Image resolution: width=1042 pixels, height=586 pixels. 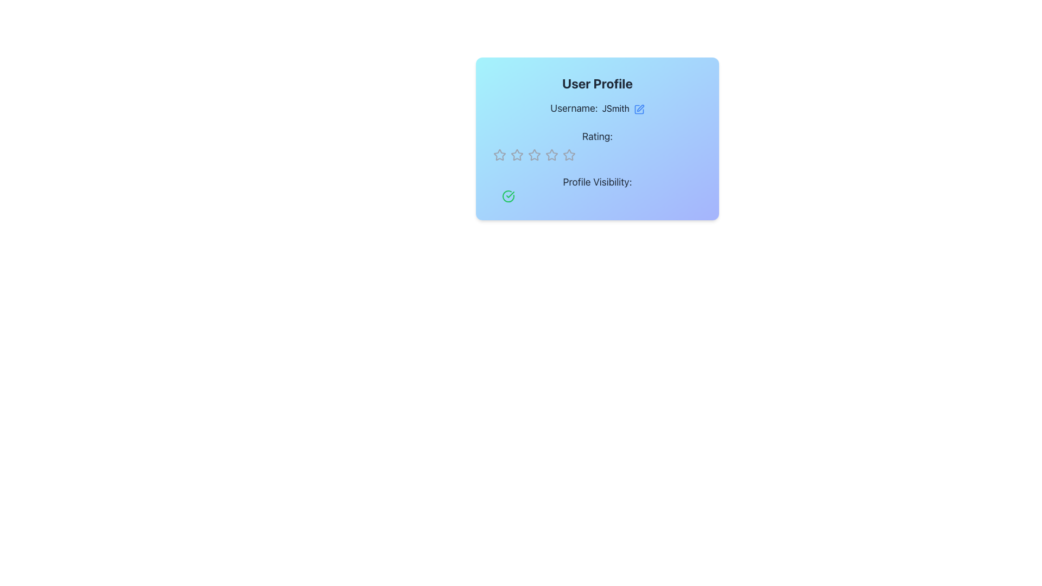 What do you see at coordinates (517, 155) in the screenshot?
I see `the second star-shaped rating icon, which is unselected and located under the 'Rating:' label in the 'User Profile' card interface` at bounding box center [517, 155].